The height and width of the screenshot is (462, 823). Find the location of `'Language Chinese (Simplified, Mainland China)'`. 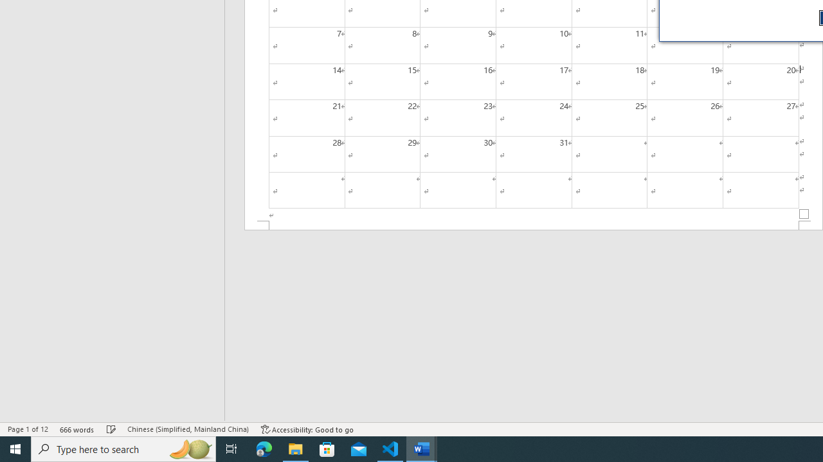

'Language Chinese (Simplified, Mainland China)' is located at coordinates (187, 429).